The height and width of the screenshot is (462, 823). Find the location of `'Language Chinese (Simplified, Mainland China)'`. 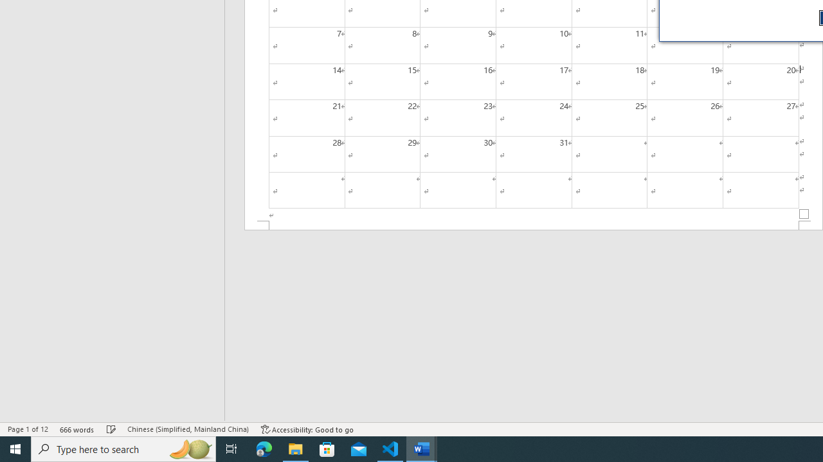

'Language Chinese (Simplified, Mainland China)' is located at coordinates (187, 429).